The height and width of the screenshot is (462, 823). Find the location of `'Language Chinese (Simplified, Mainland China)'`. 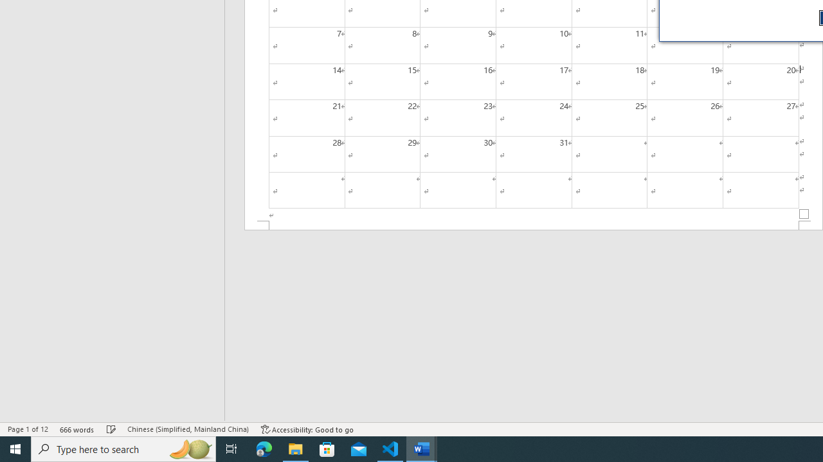

'Language Chinese (Simplified, Mainland China)' is located at coordinates (187, 429).